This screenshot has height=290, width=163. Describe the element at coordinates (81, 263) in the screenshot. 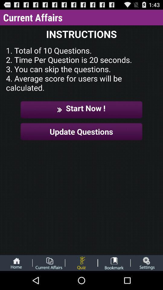

I see `app quiz` at that location.